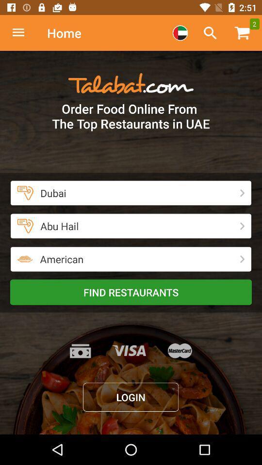  Describe the element at coordinates (210, 33) in the screenshot. I see `opens search dialogue` at that location.